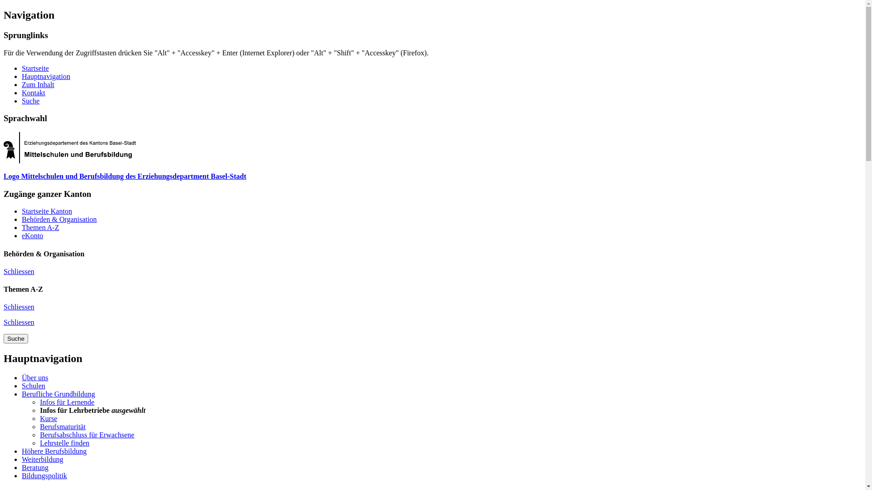 Image resolution: width=872 pixels, height=490 pixels. Describe the element at coordinates (35, 68) in the screenshot. I see `'Startseite'` at that location.